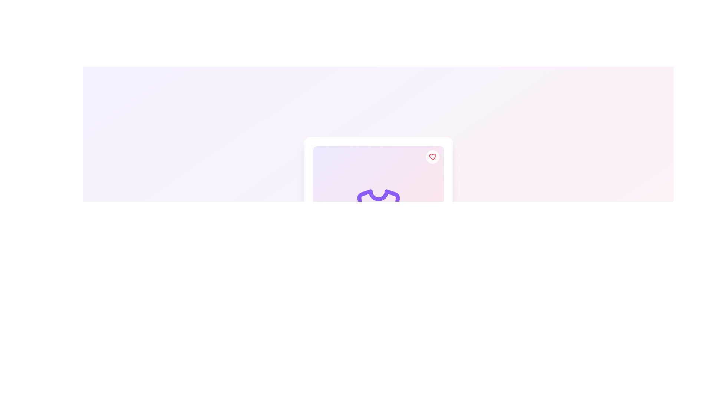 Image resolution: width=712 pixels, height=400 pixels. Describe the element at coordinates (432, 157) in the screenshot. I see `the red heart-shaped icon` at that location.